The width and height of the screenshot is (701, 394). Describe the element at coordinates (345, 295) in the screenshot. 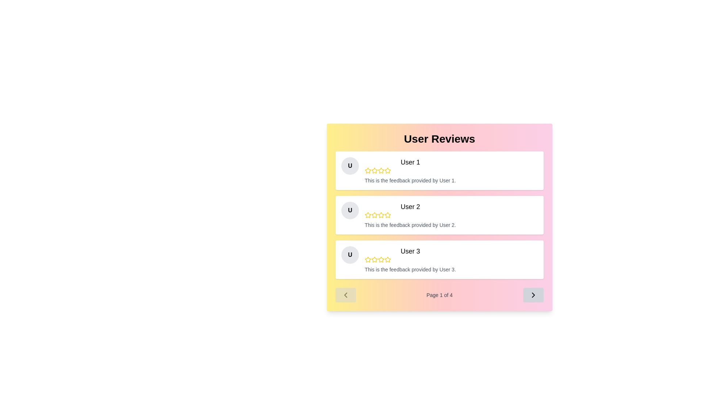

I see `the leftward-pointing chevron icon within the gray button` at that location.